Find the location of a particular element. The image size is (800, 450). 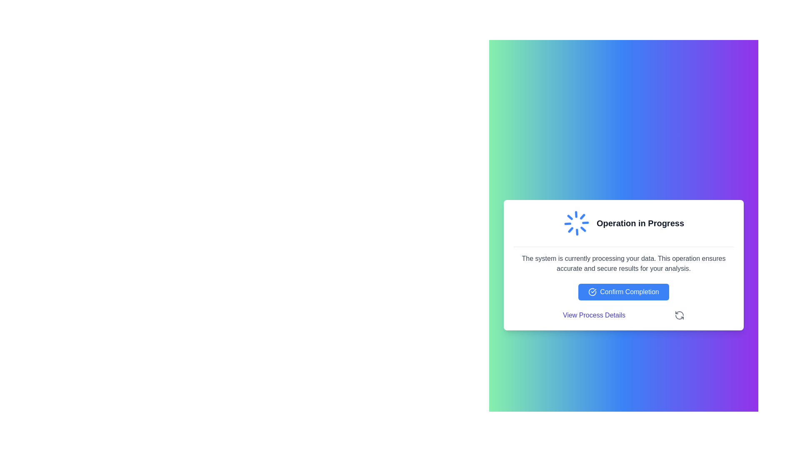

the upper-left decorative graphic segment of the spinner, which indicates an ongoing process is located at coordinates (583, 228).